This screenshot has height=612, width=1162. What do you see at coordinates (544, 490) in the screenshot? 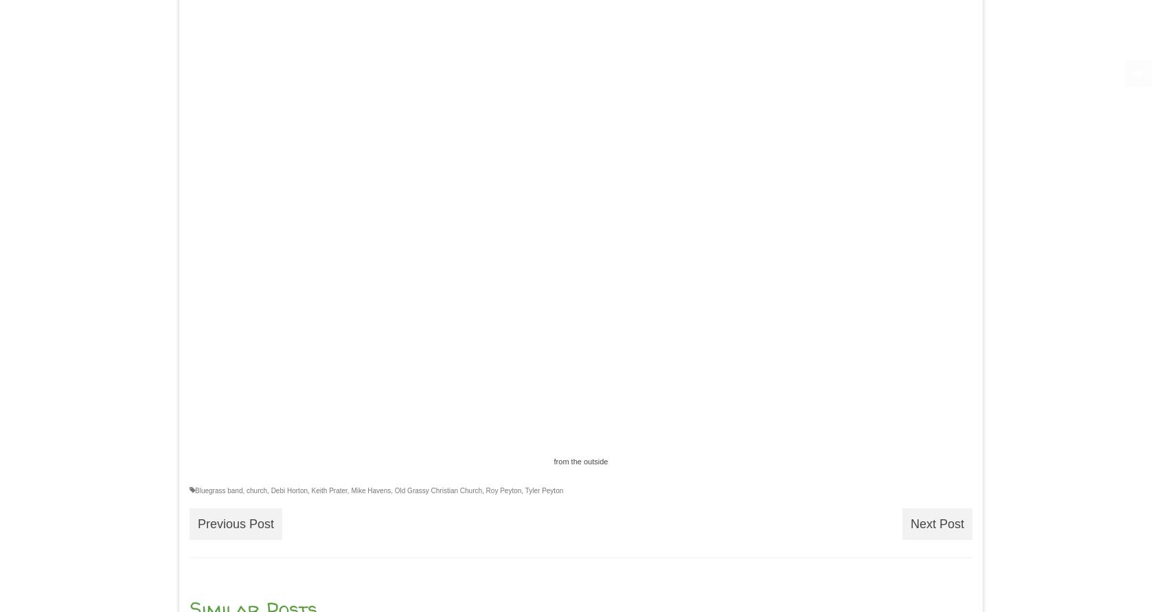
I see `'Tyler Peyton'` at bounding box center [544, 490].